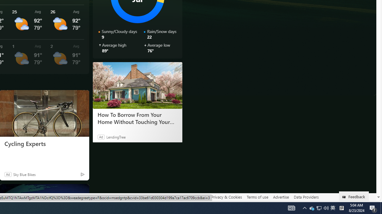 The height and width of the screenshot is (214, 382). What do you see at coordinates (66, 56) in the screenshot?
I see `'See More Details'` at bounding box center [66, 56].